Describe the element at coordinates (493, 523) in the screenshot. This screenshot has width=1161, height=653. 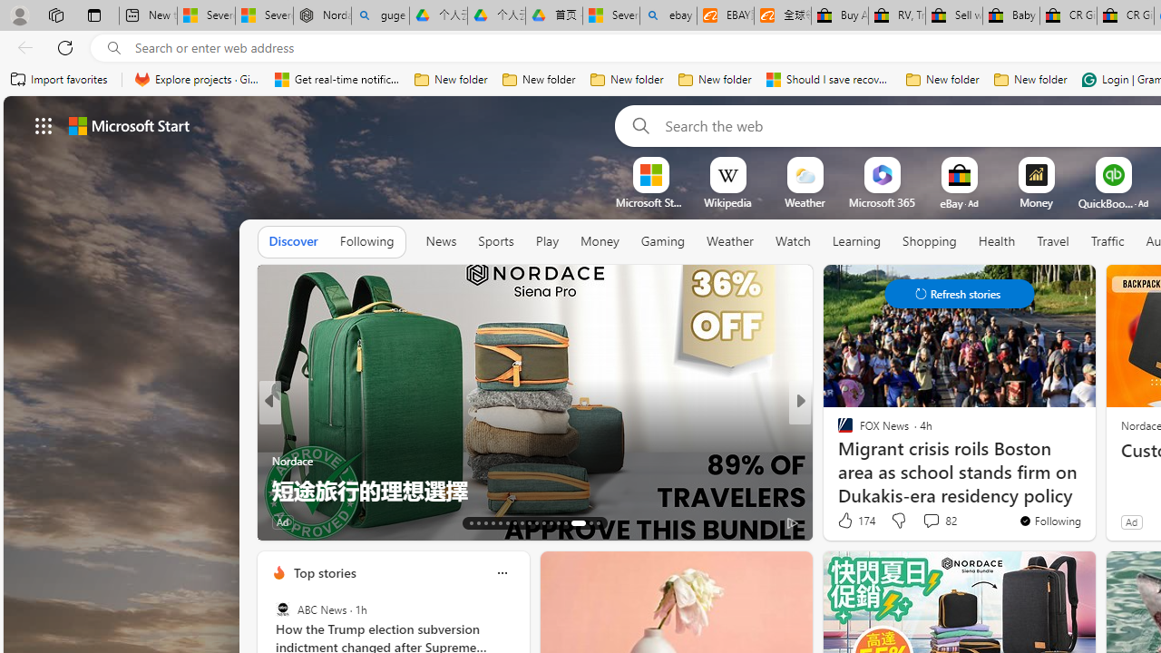
I see `'AutomationID: tab-16'` at that location.